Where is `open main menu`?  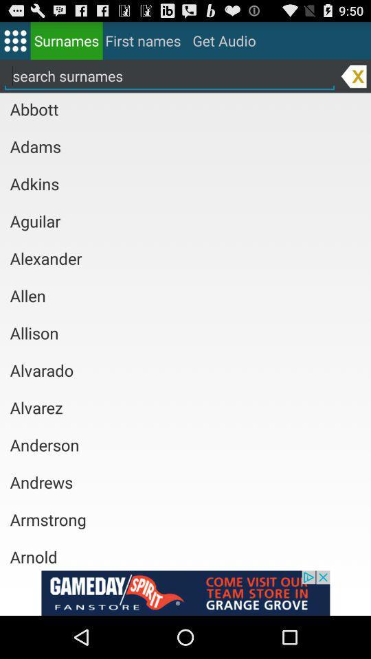
open main menu is located at coordinates (14, 40).